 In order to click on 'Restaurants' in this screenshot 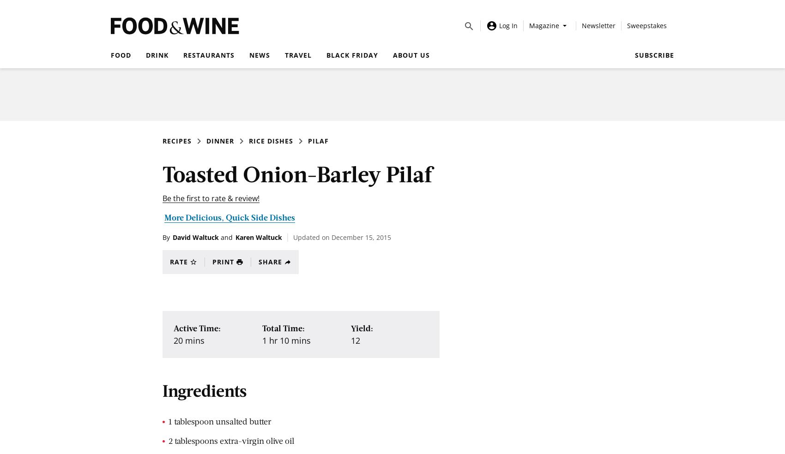, I will do `click(209, 54)`.